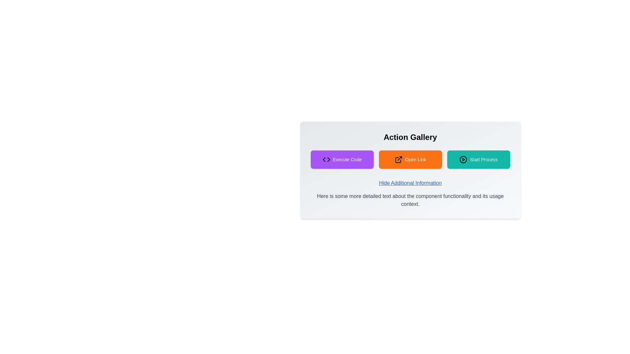 The height and width of the screenshot is (354, 630). I want to click on the play button icon, which is a hollow circle with a triangular play symbol, located to the left of the 'Start Process' button in the three-button layout, so click(463, 159).